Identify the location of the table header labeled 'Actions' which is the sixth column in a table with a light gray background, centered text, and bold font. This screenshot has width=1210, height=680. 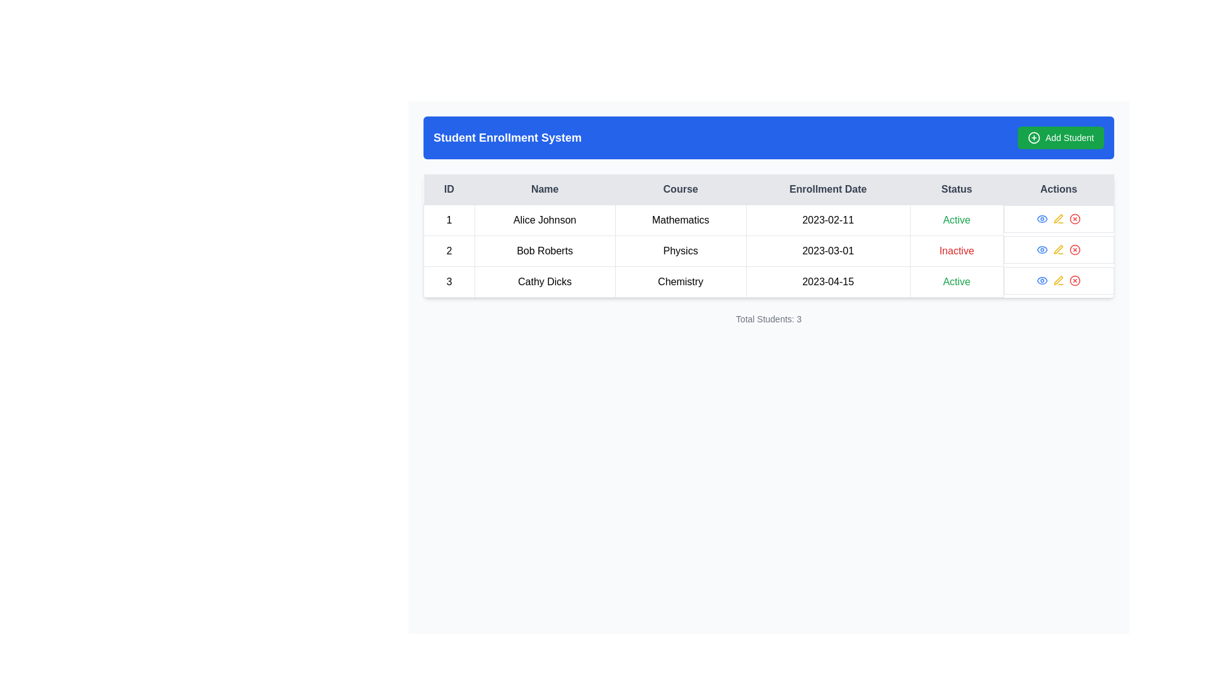
(1059, 190).